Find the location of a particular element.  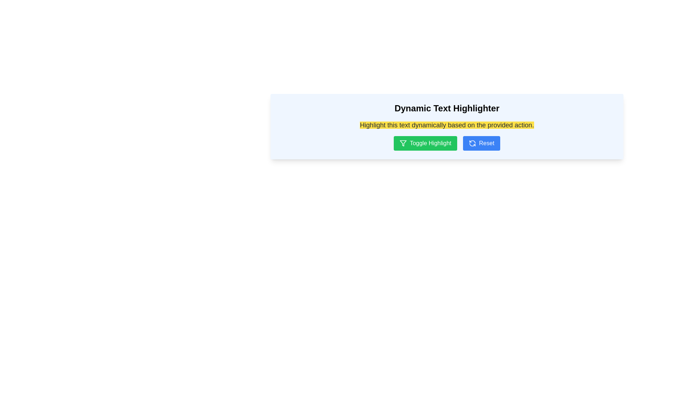

the reset button located to the right of the green 'Toggle Highlight' button, which is part of the dynamic text highlighting feature is located at coordinates (481, 143).